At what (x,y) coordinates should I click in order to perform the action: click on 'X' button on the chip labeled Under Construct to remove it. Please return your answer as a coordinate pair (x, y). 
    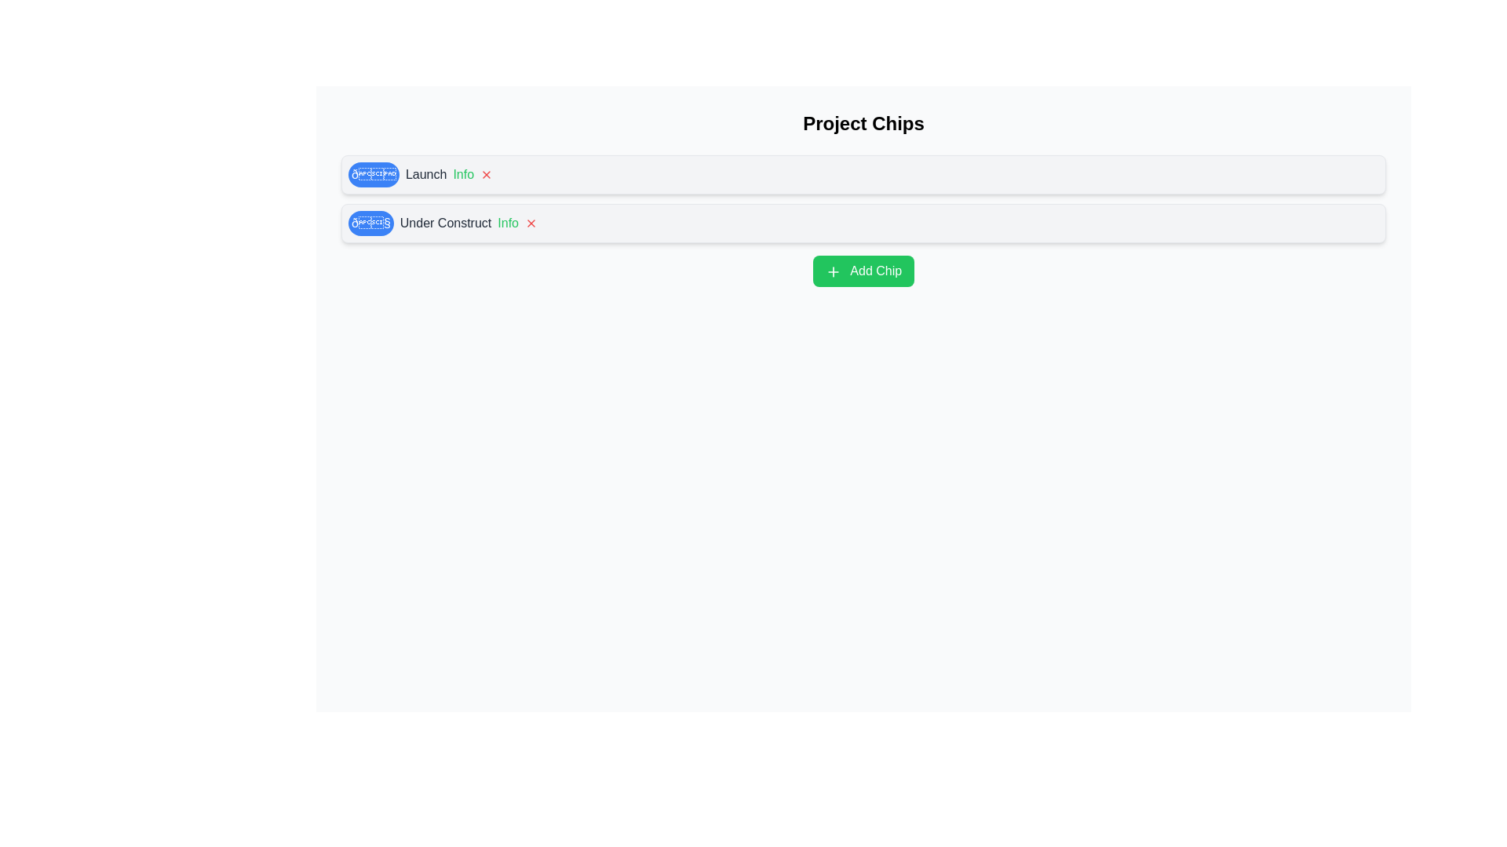
    Looking at the image, I should click on (531, 224).